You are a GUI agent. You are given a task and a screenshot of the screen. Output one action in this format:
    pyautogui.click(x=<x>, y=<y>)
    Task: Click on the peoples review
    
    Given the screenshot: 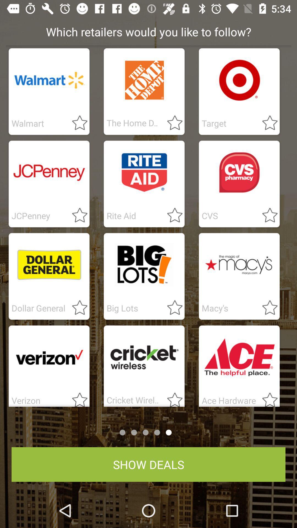 What is the action you would take?
    pyautogui.click(x=171, y=398)
    